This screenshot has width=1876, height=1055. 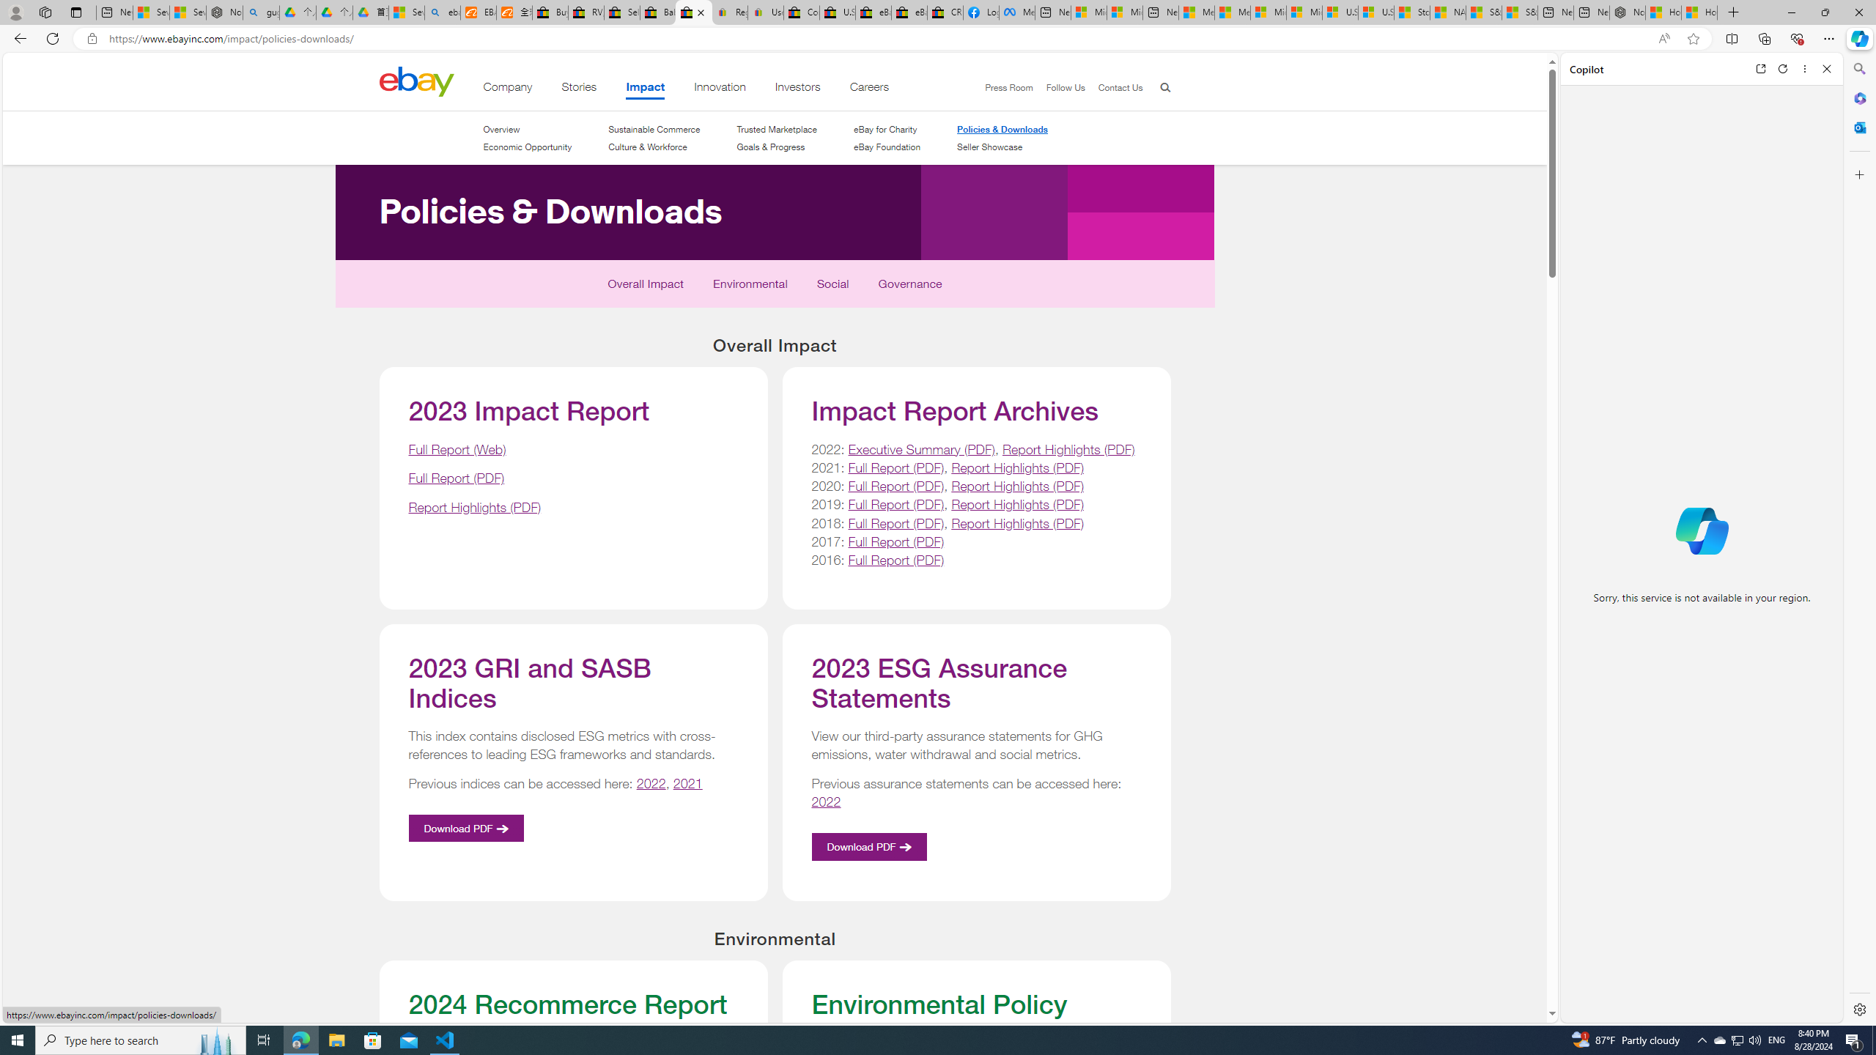 I want to click on 'U.S. State Privacy Disclosures - eBay Inc.', so click(x=837, y=12).